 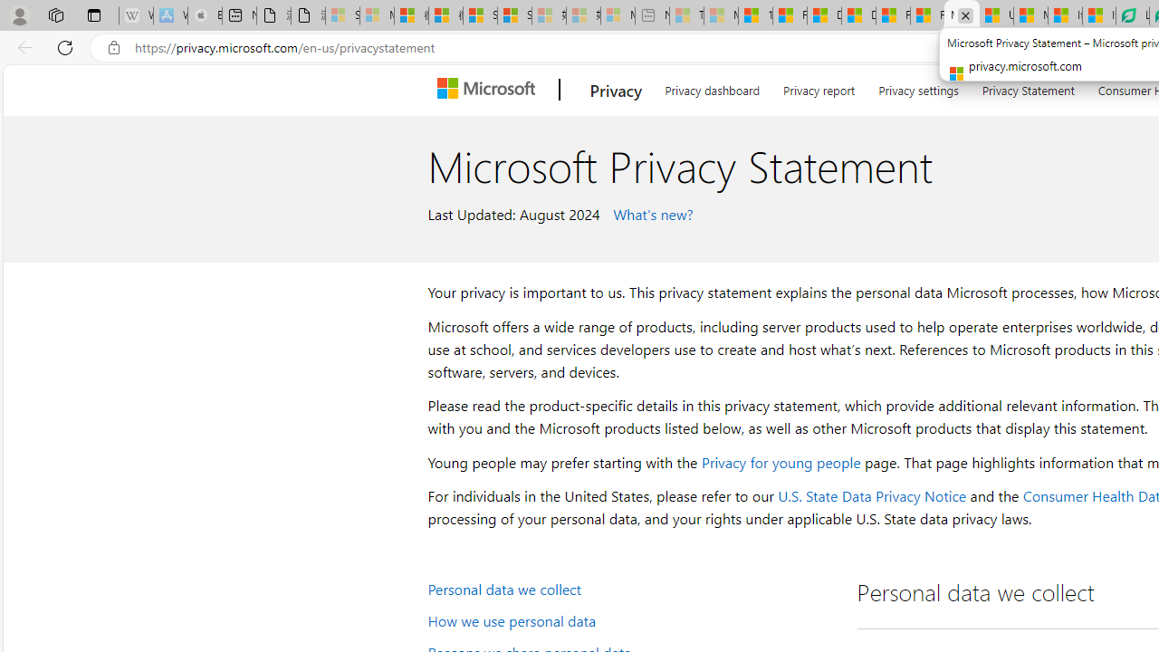 What do you see at coordinates (618, 15) in the screenshot?
I see `'Microsoft account | Account Checkup - Sleeping'` at bounding box center [618, 15].